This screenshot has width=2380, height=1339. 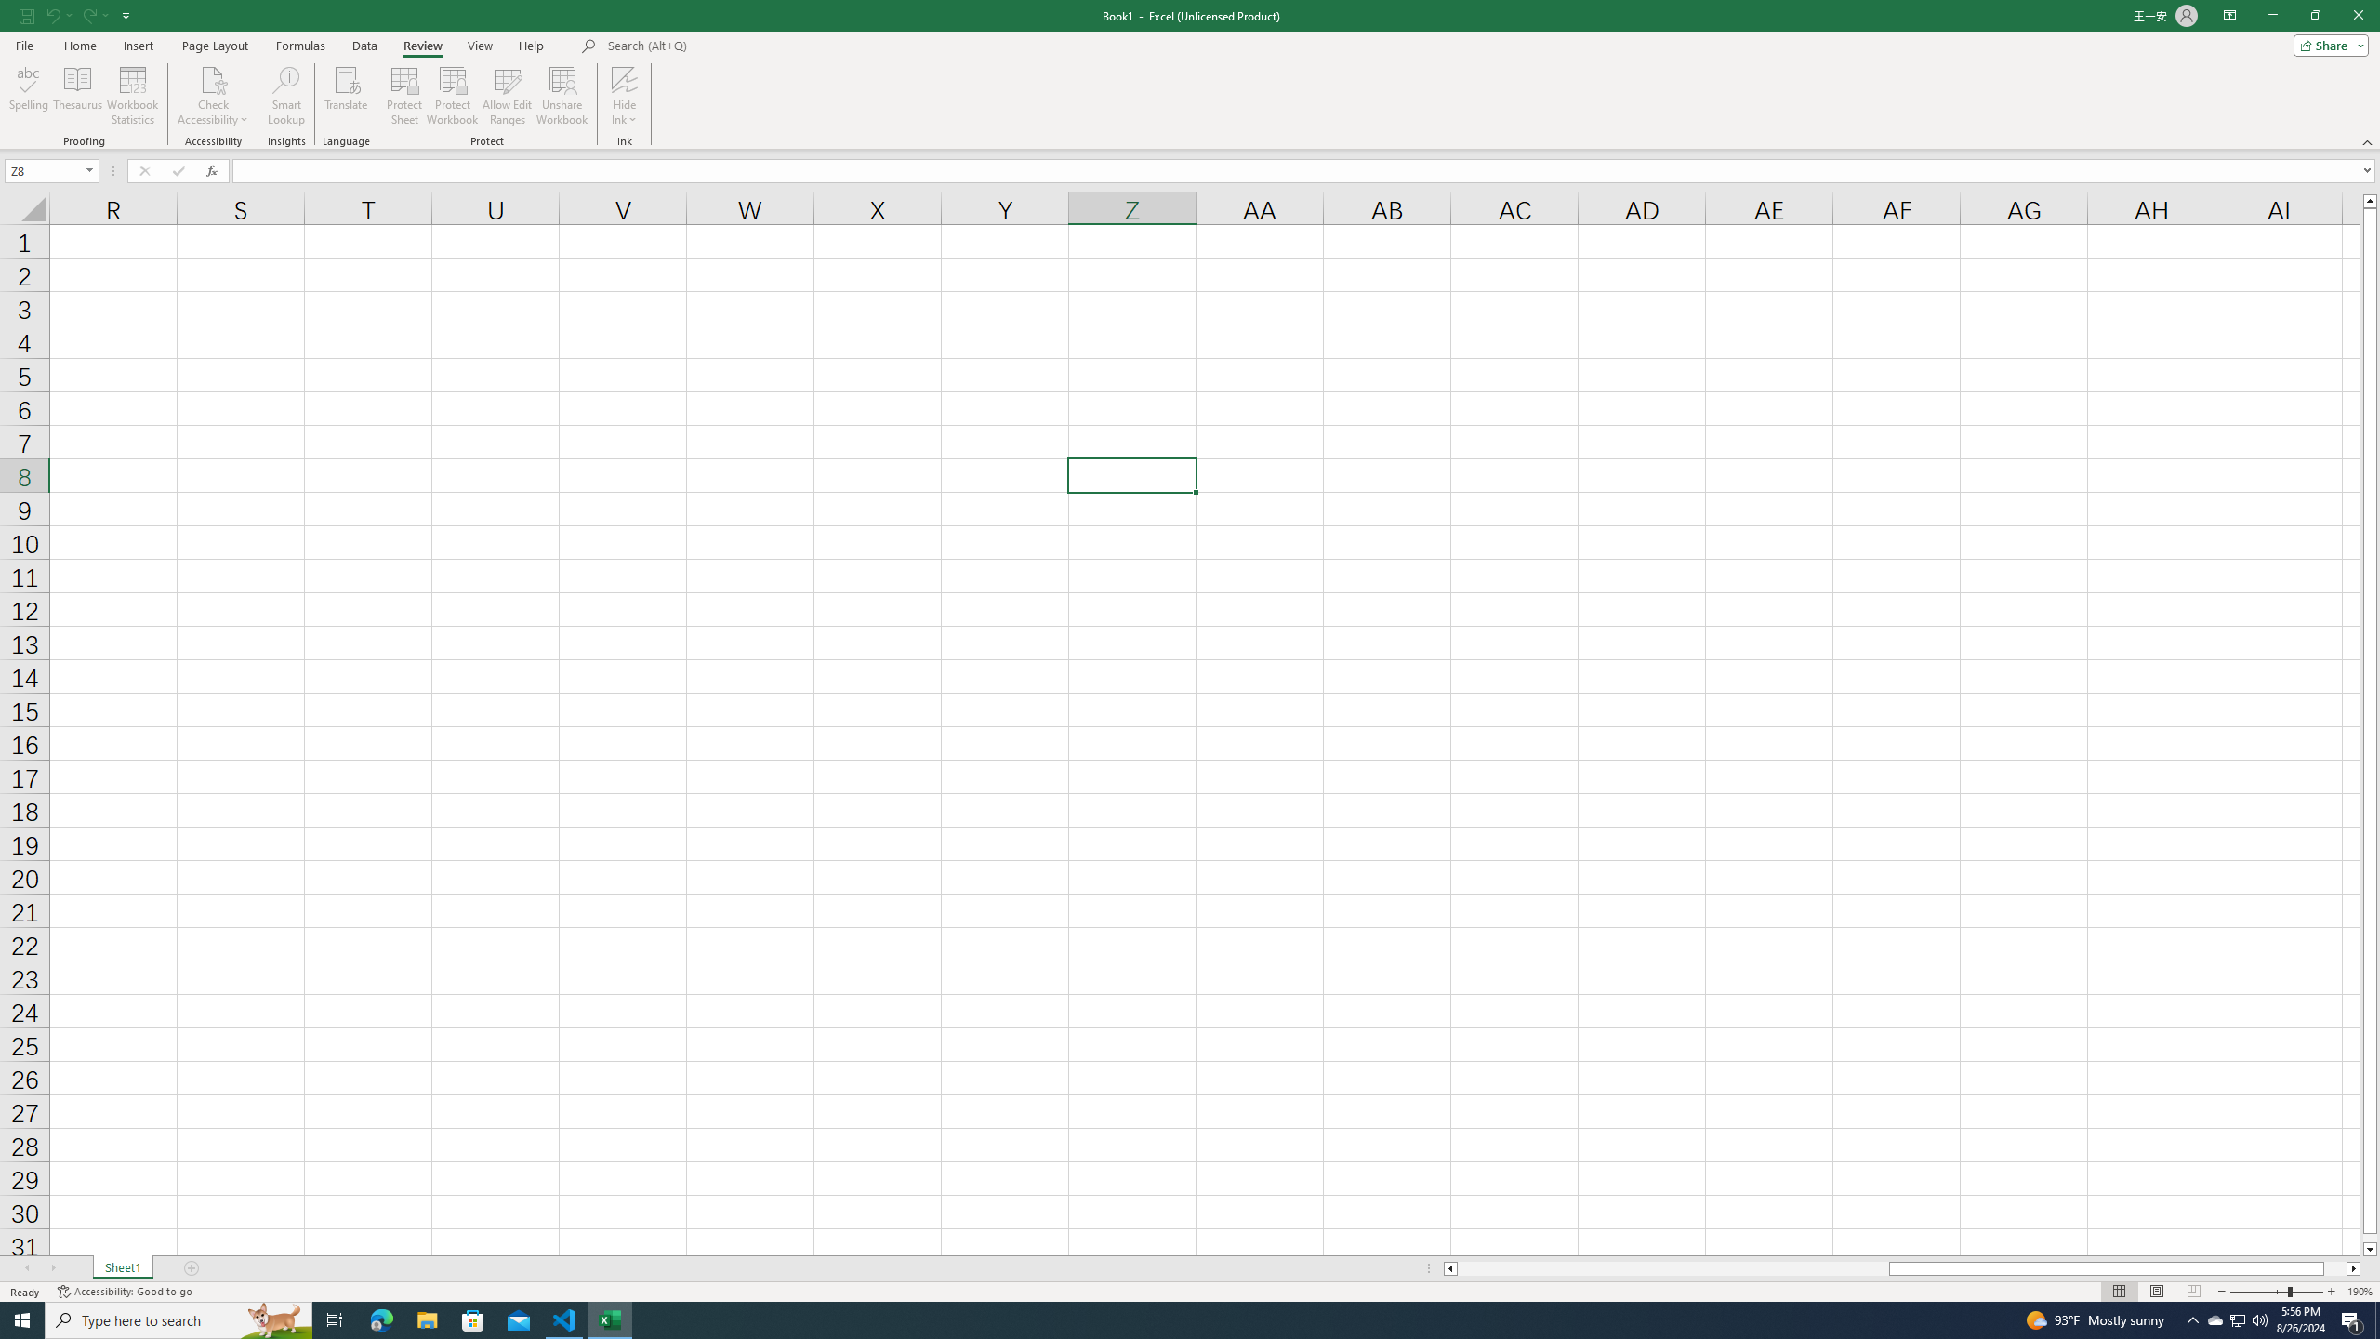 What do you see at coordinates (1448, 1267) in the screenshot?
I see `'Column left'` at bounding box center [1448, 1267].